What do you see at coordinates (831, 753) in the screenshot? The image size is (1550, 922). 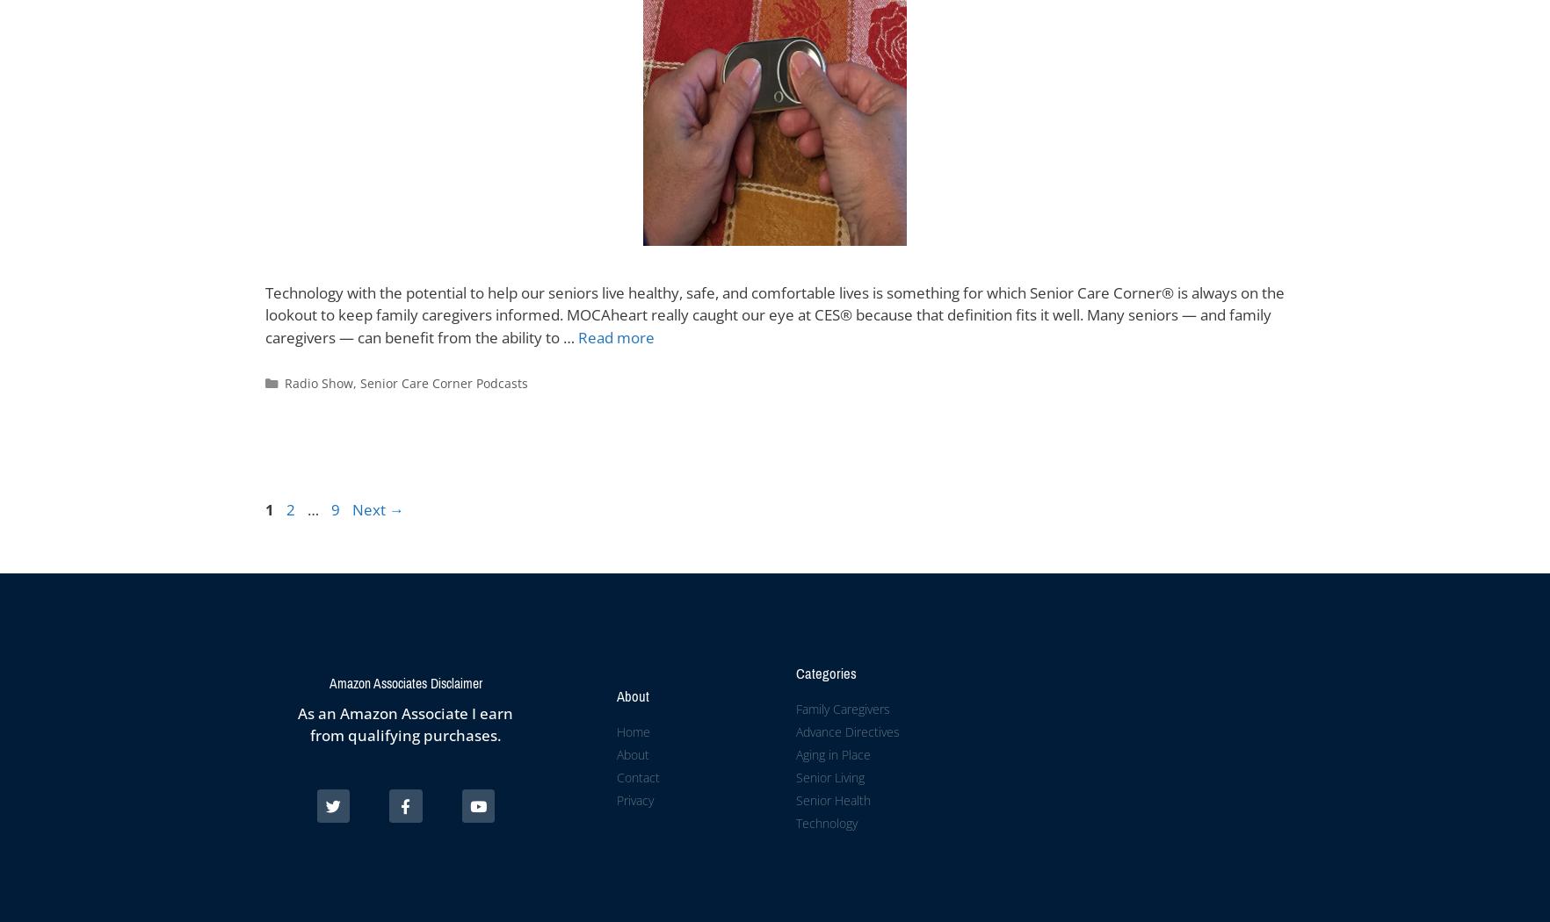 I see `'Aging in Place'` at bounding box center [831, 753].